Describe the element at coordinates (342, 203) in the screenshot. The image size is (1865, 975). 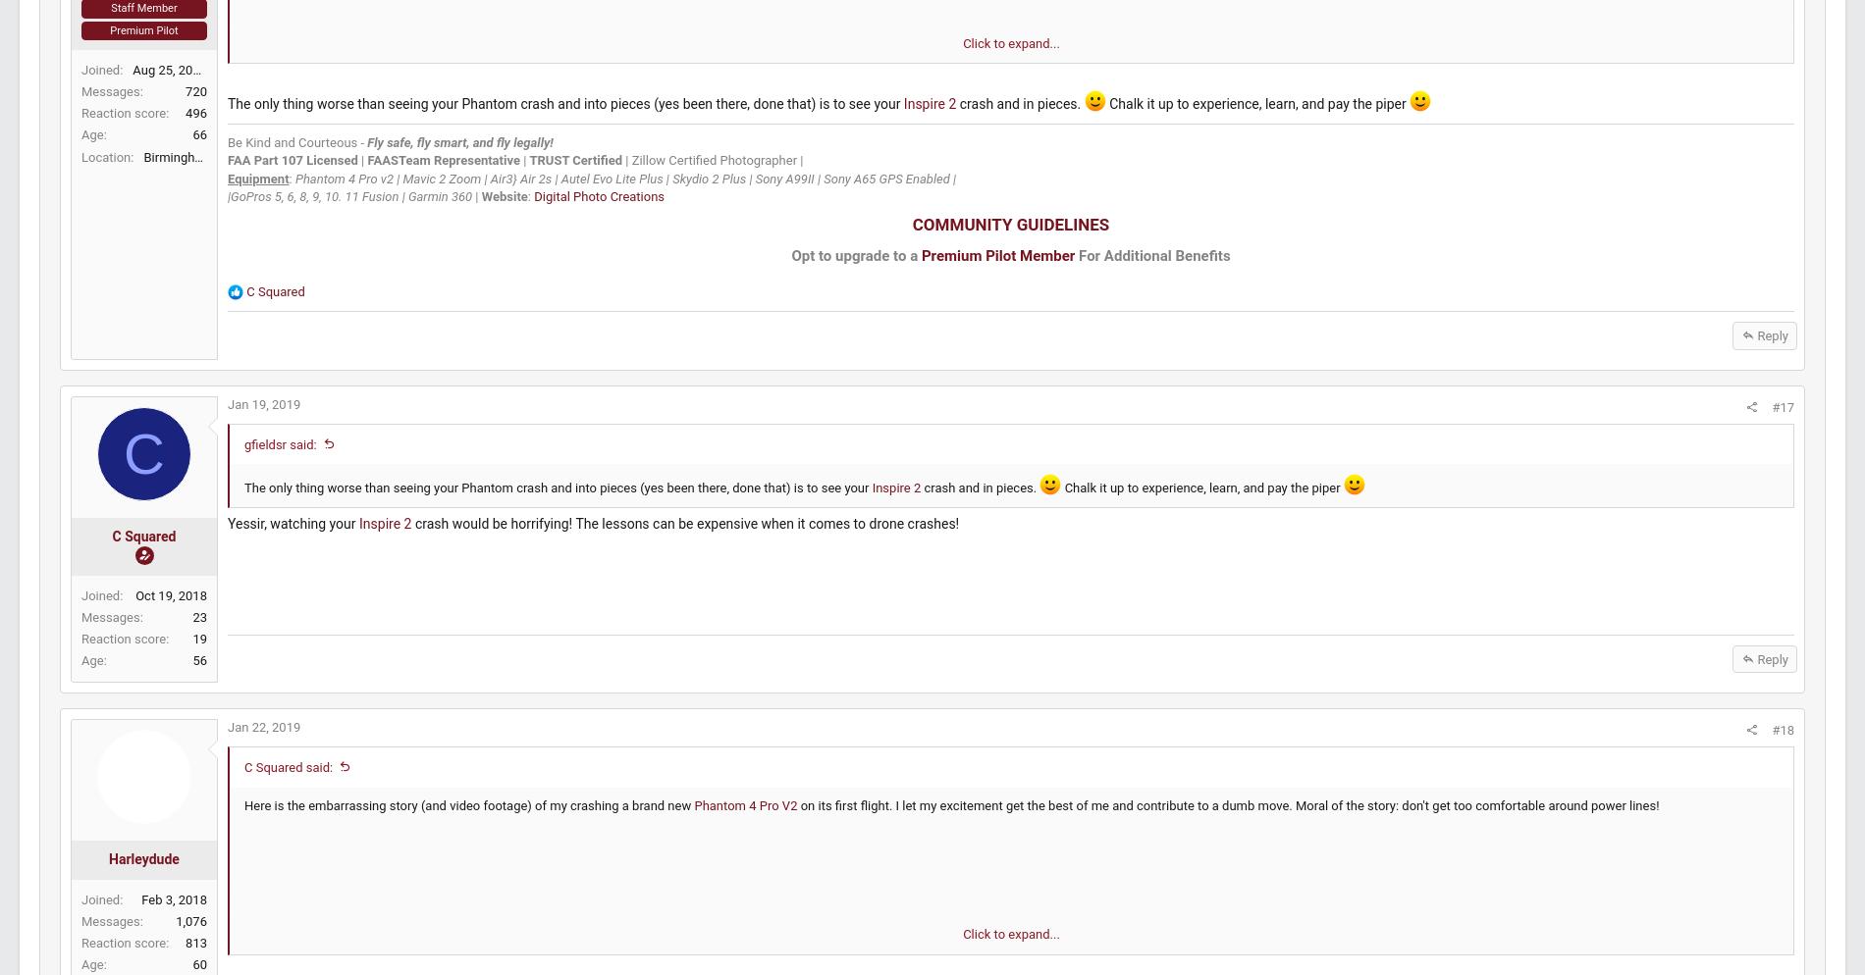
I see `'Be Kind and Courteous -'` at that location.